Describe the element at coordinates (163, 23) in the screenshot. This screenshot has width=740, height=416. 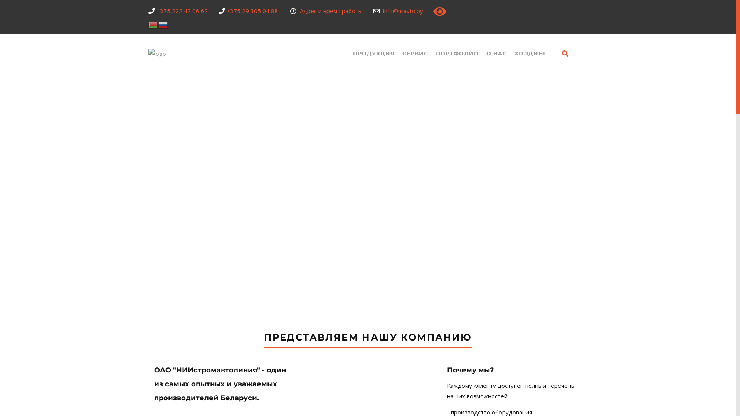
I see `'Russian'` at that location.